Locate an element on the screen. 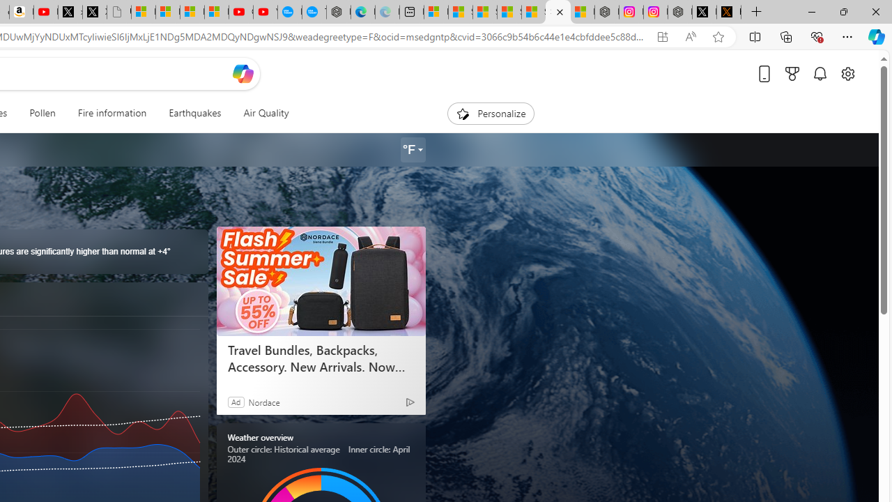  'Weather settings' is located at coordinates (412, 150).